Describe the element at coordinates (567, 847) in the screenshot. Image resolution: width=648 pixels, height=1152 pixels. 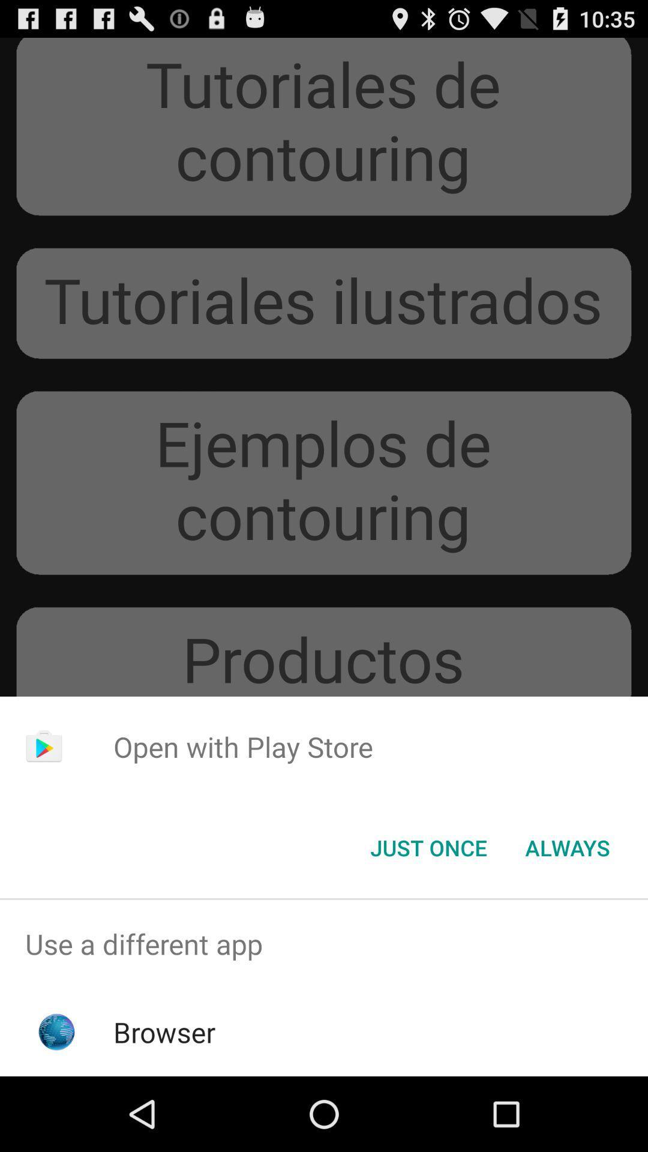
I see `icon to the right of just once icon` at that location.